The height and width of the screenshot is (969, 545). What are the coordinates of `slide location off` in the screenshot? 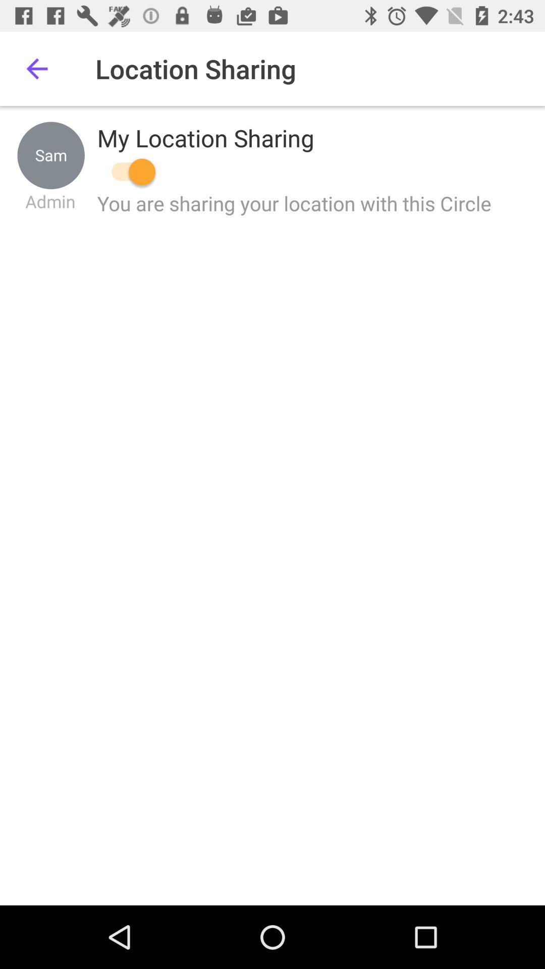 It's located at (128, 172).